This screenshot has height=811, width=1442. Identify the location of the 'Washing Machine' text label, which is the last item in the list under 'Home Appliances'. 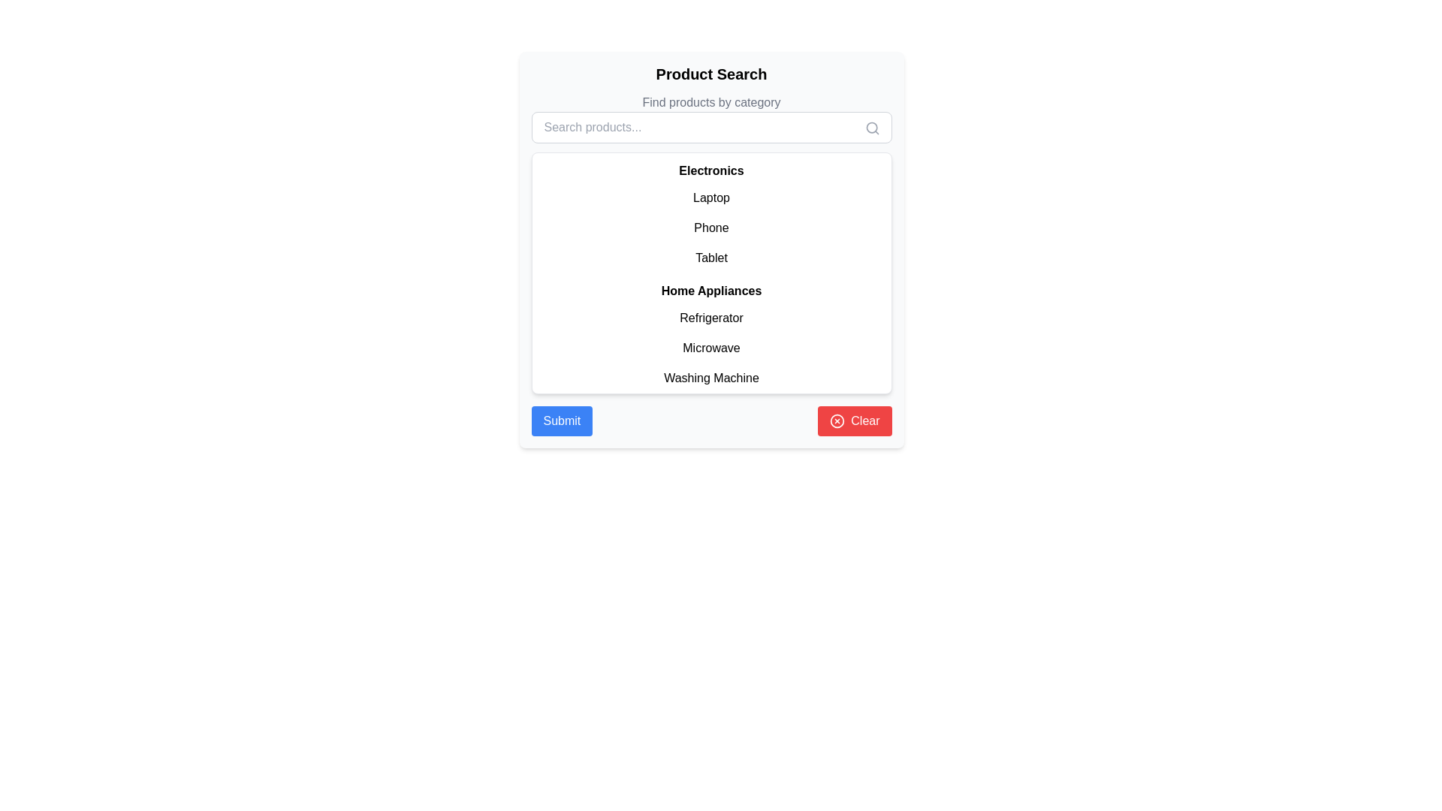
(710, 378).